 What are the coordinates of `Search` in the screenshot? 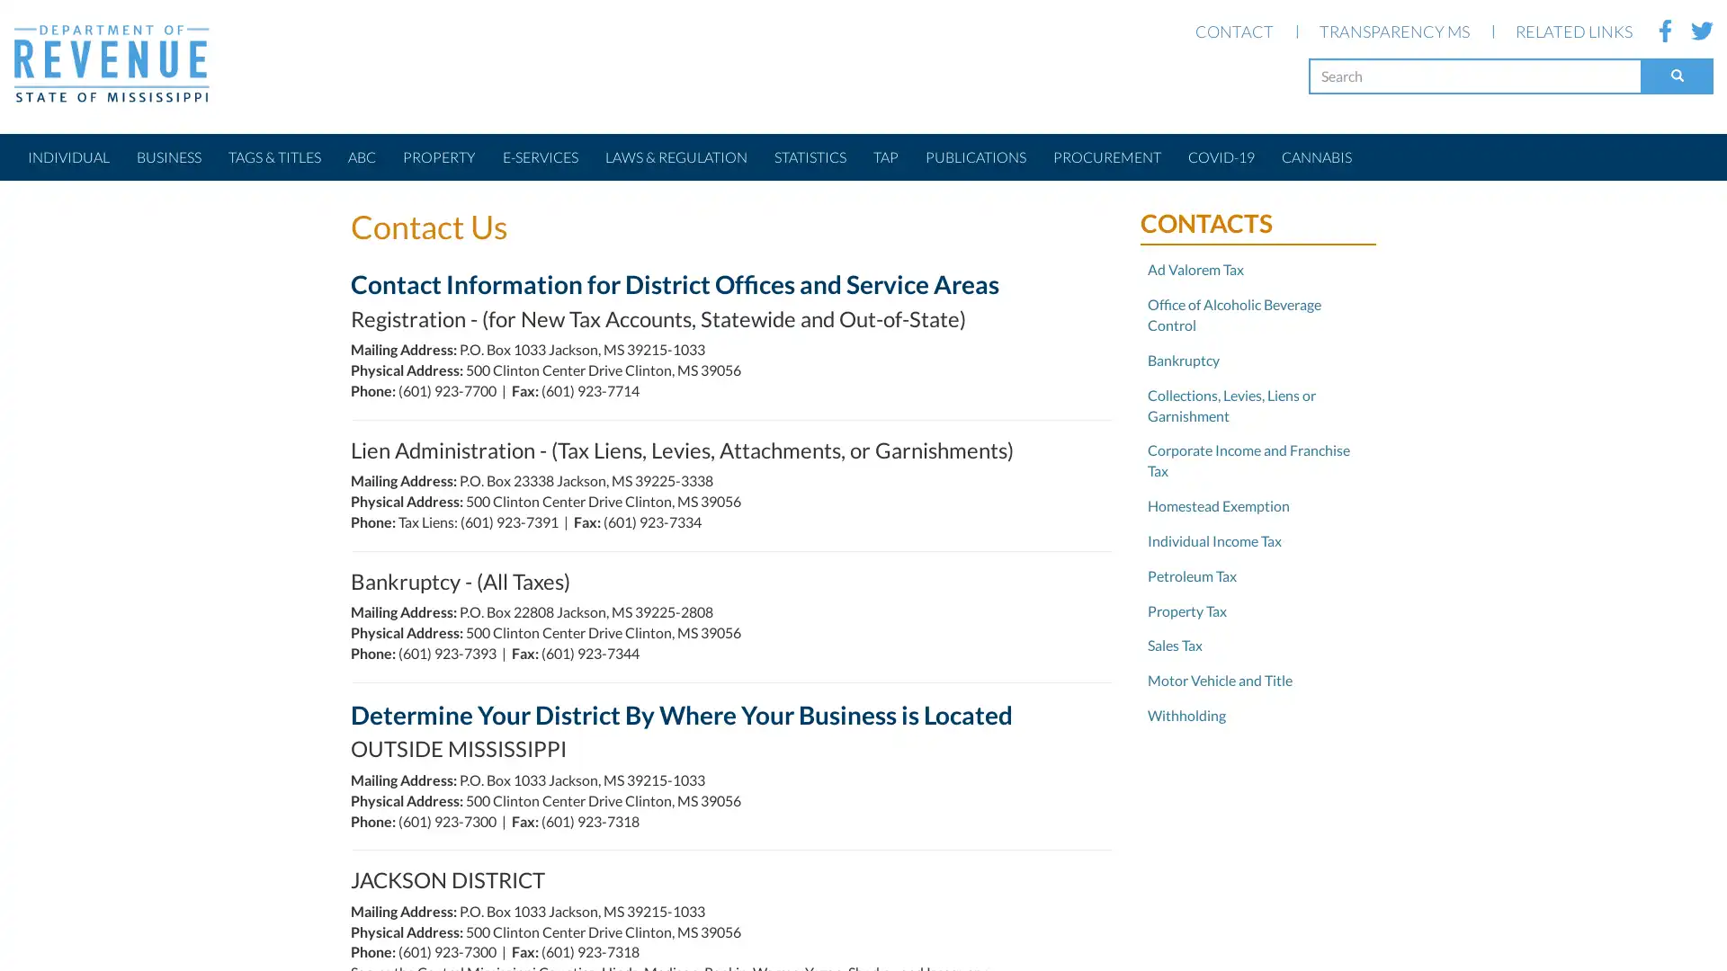 It's located at (1677, 75).